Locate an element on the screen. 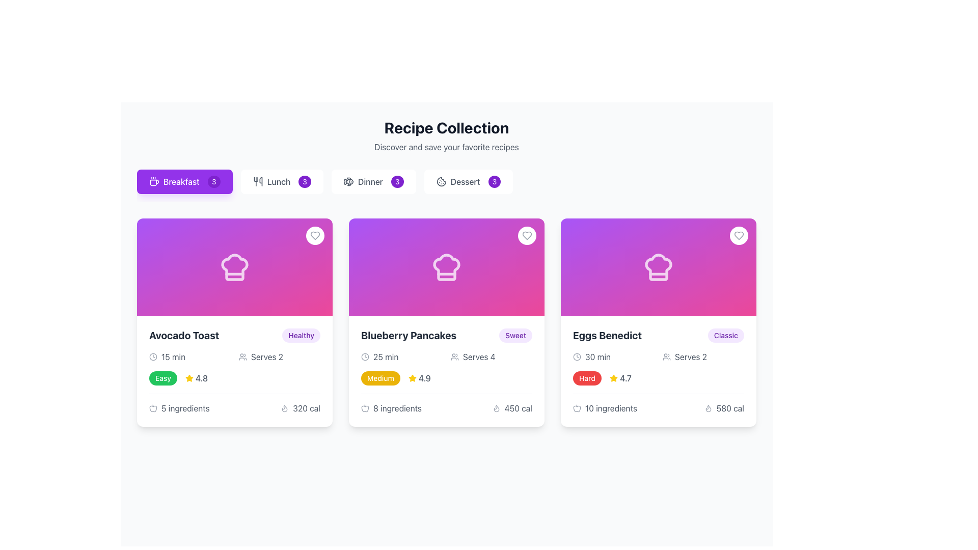 The image size is (978, 550). text snippet displaying '10 ingredients' located on the 'Eggs Benedict' card in the 'Recipe Collection' grid, positioned above the '580 cal' text is located at coordinates (611, 408).